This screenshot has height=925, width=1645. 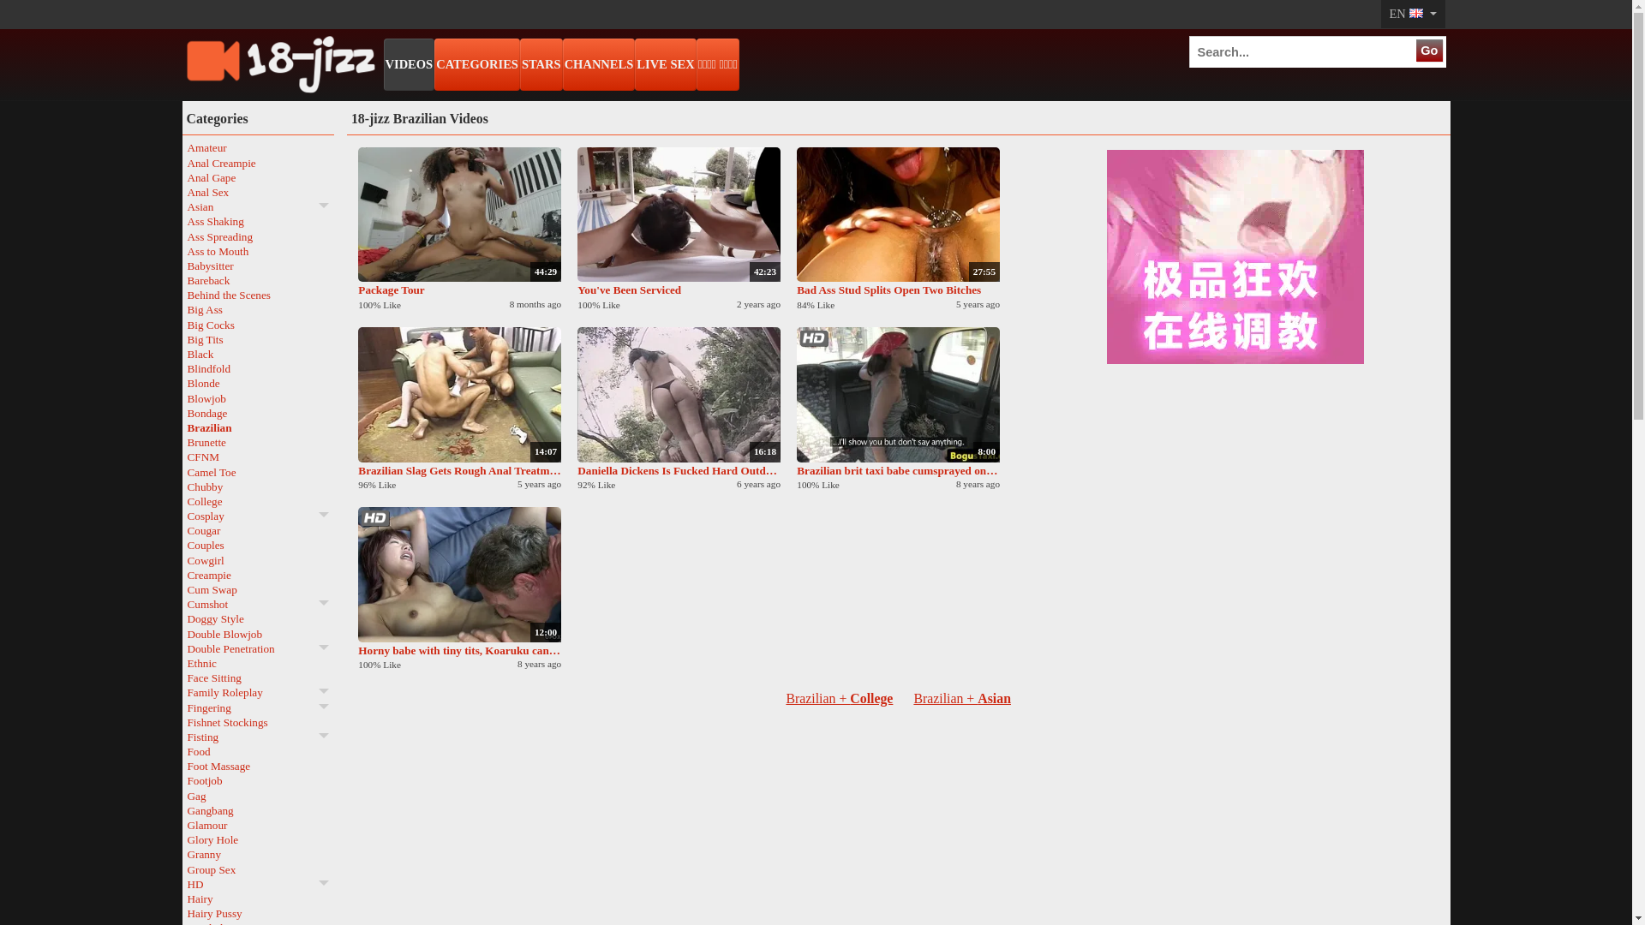 What do you see at coordinates (257, 501) in the screenshot?
I see `'College'` at bounding box center [257, 501].